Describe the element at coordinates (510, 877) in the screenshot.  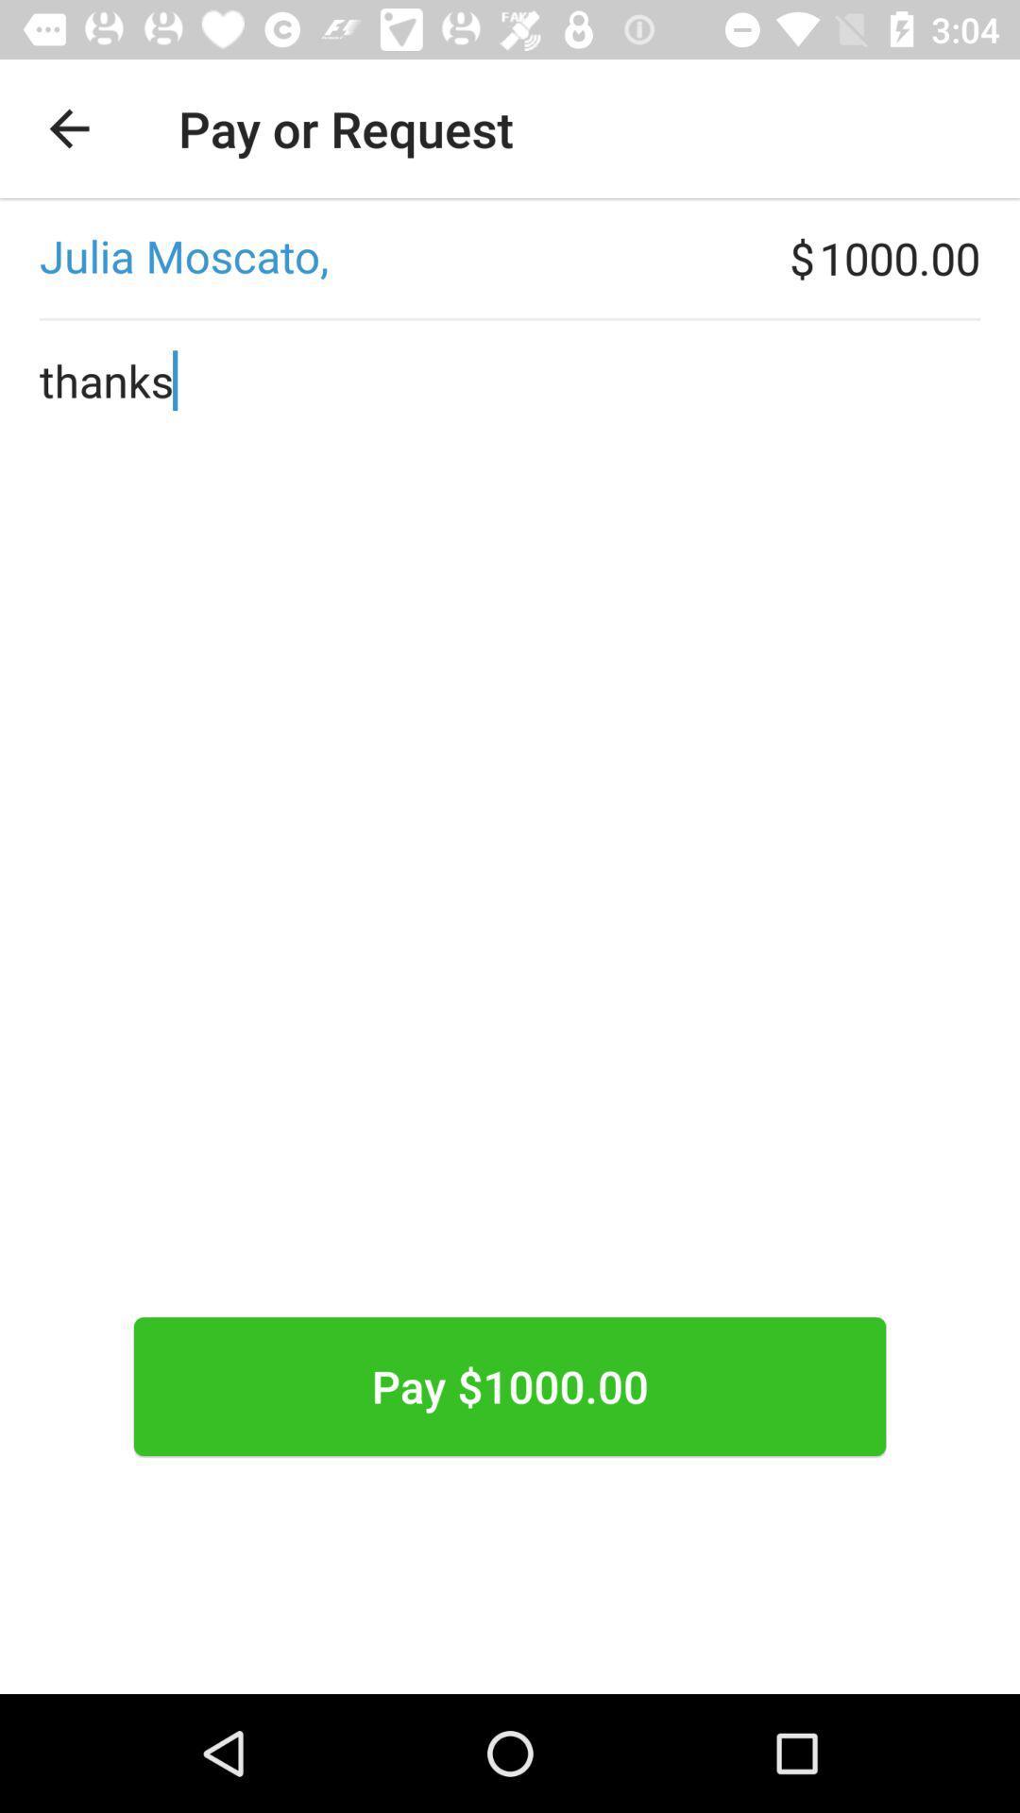
I see `icon at the center` at that location.